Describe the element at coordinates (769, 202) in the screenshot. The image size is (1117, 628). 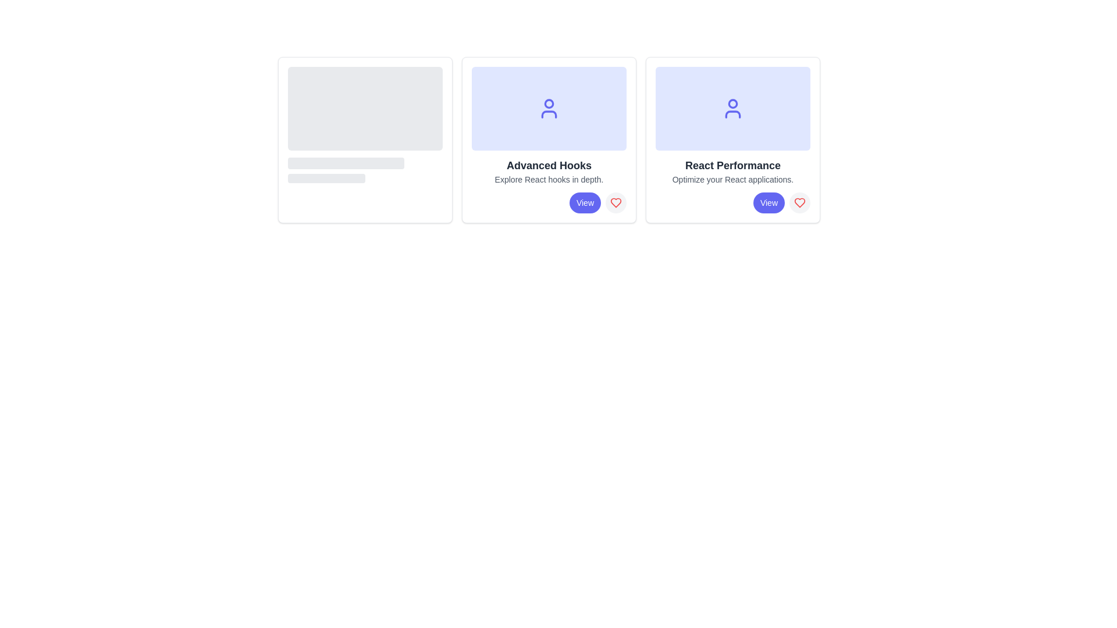
I see `the 'View' button located at the bottom right of the 'React Performance' card` at that location.